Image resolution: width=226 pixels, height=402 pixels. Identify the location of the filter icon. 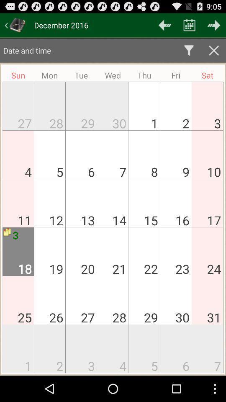
(189, 54).